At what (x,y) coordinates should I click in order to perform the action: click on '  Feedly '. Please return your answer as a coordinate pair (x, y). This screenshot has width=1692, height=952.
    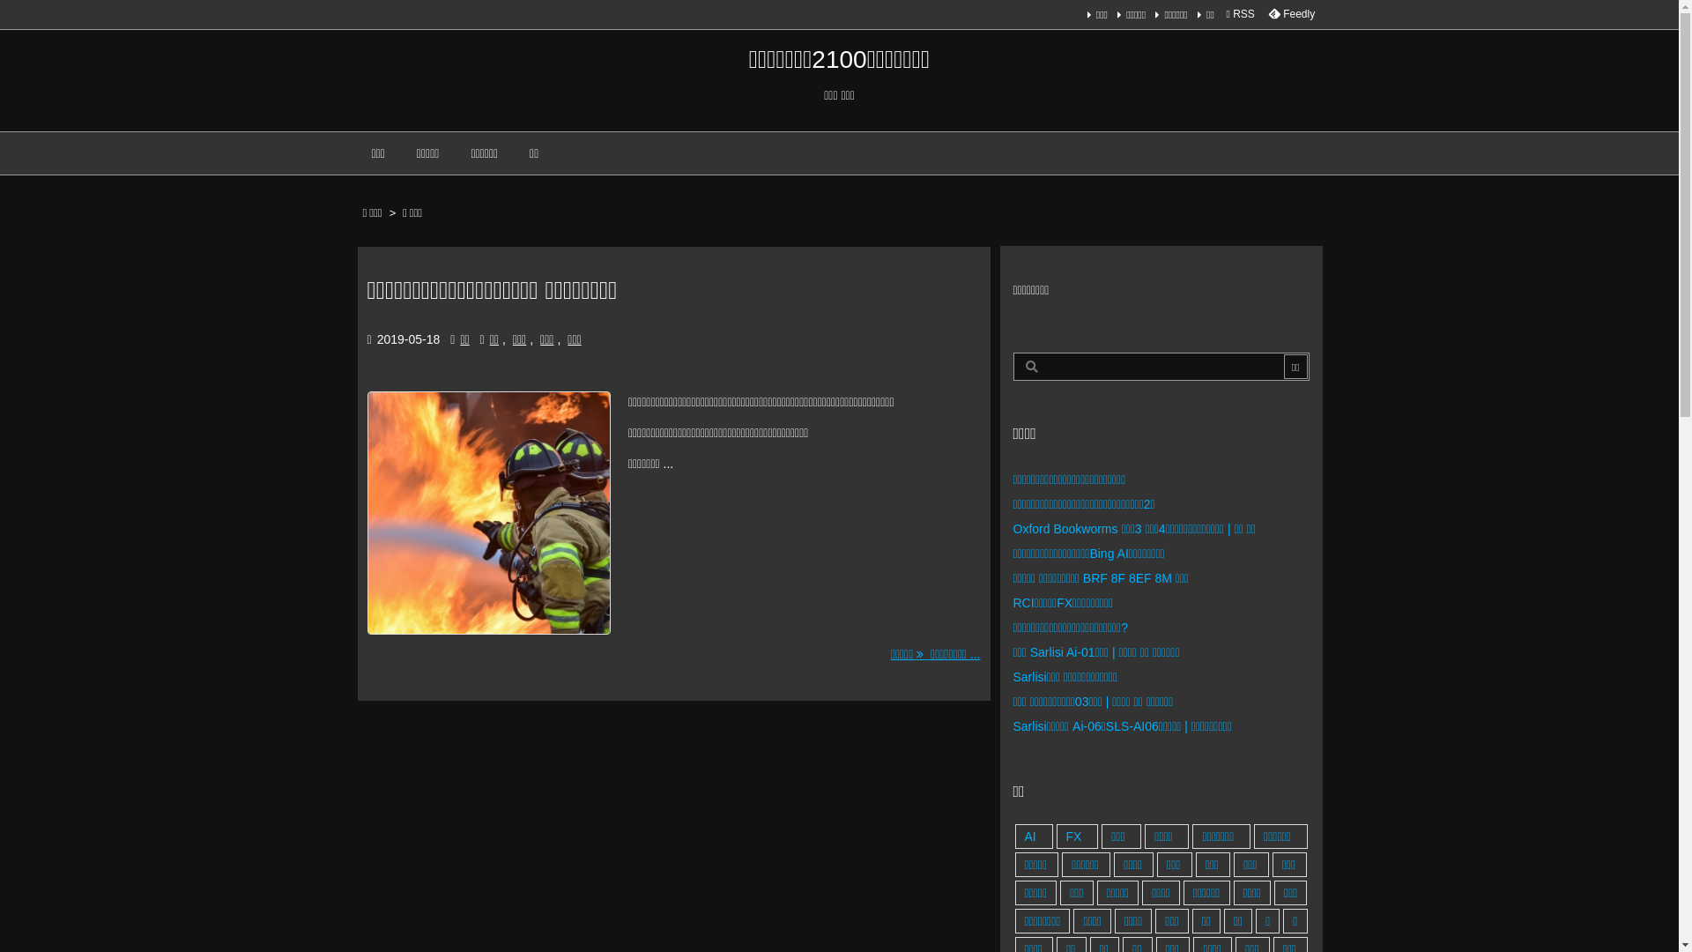
    Looking at the image, I should click on (1290, 13).